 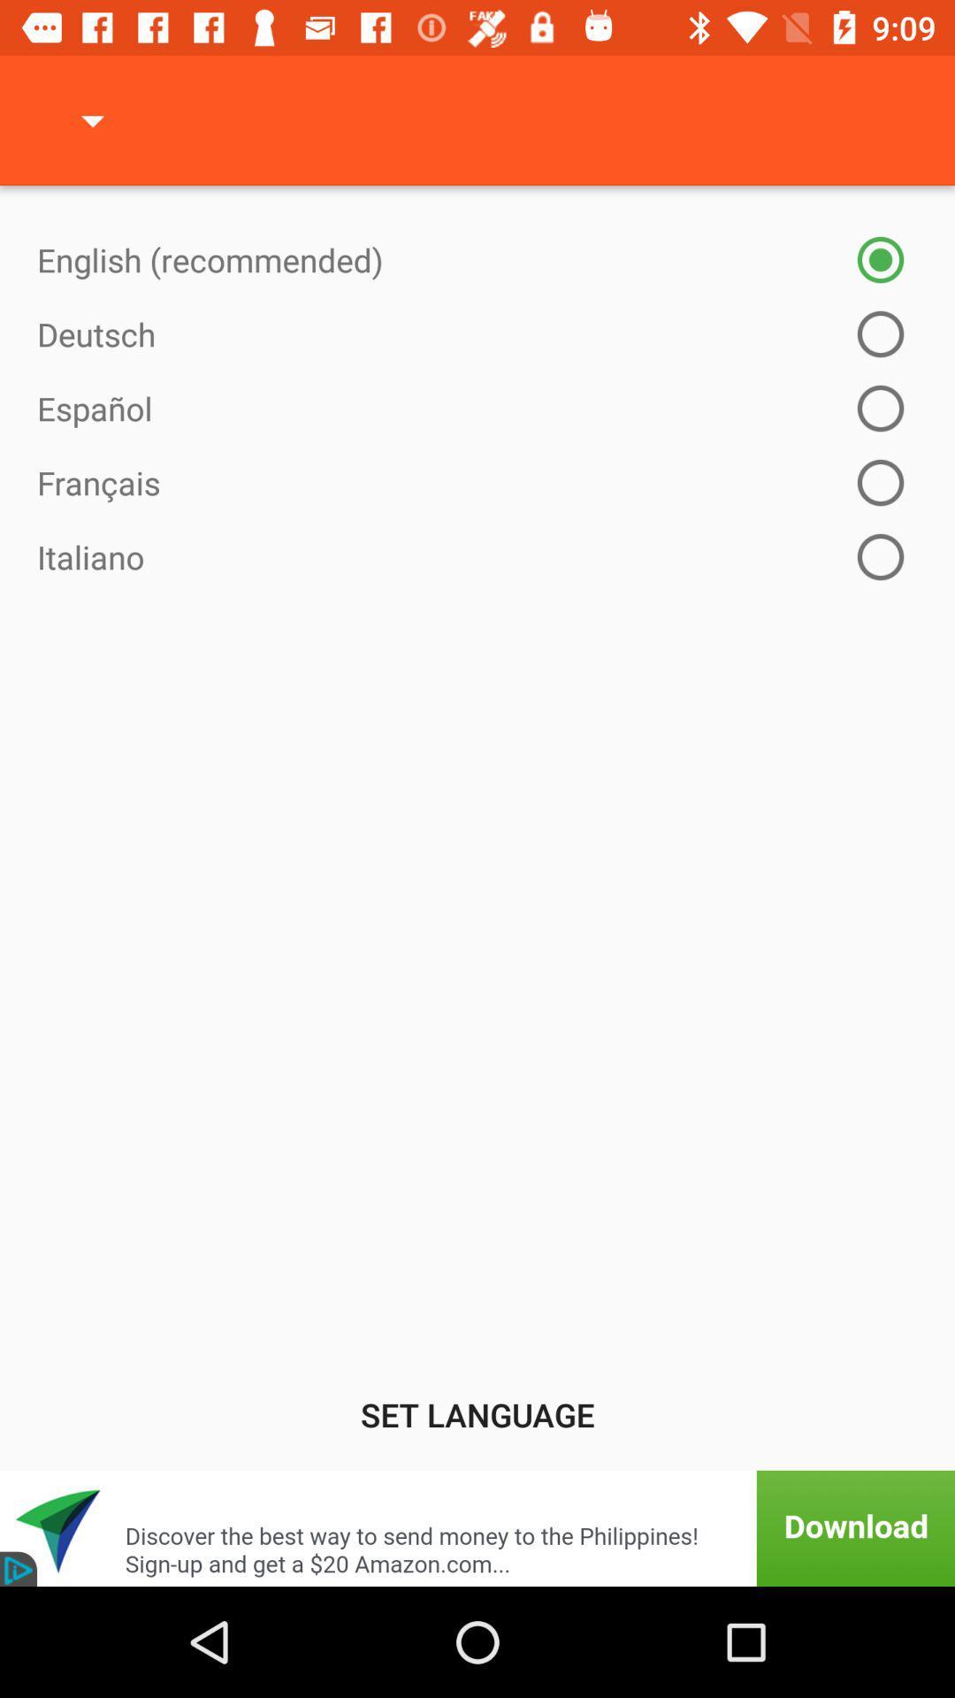 I want to click on download, so click(x=477, y=1527).